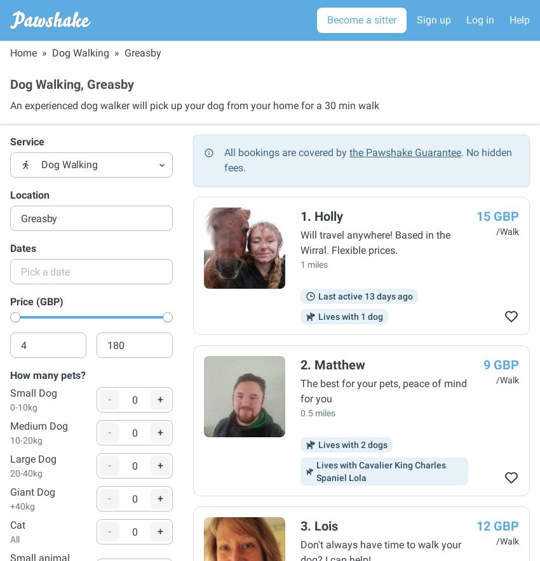  Describe the element at coordinates (300, 412) in the screenshot. I see `'0.5 miles'` at that location.